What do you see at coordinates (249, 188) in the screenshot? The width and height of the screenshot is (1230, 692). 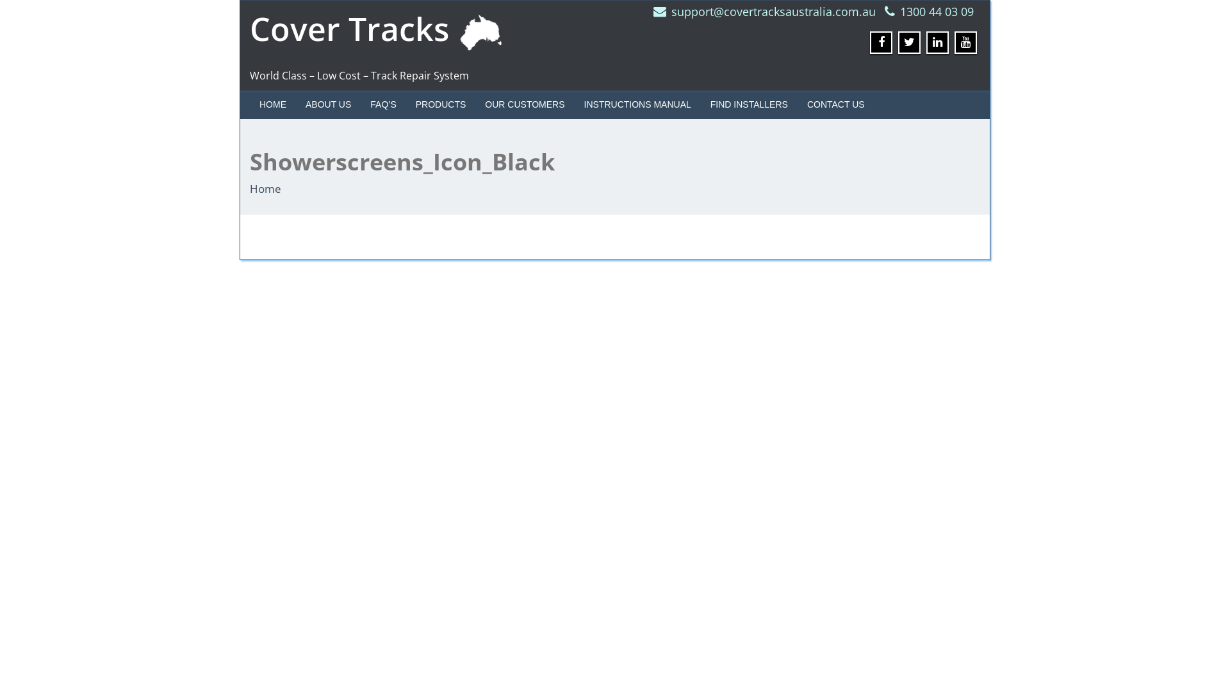 I see `'Home'` at bounding box center [249, 188].